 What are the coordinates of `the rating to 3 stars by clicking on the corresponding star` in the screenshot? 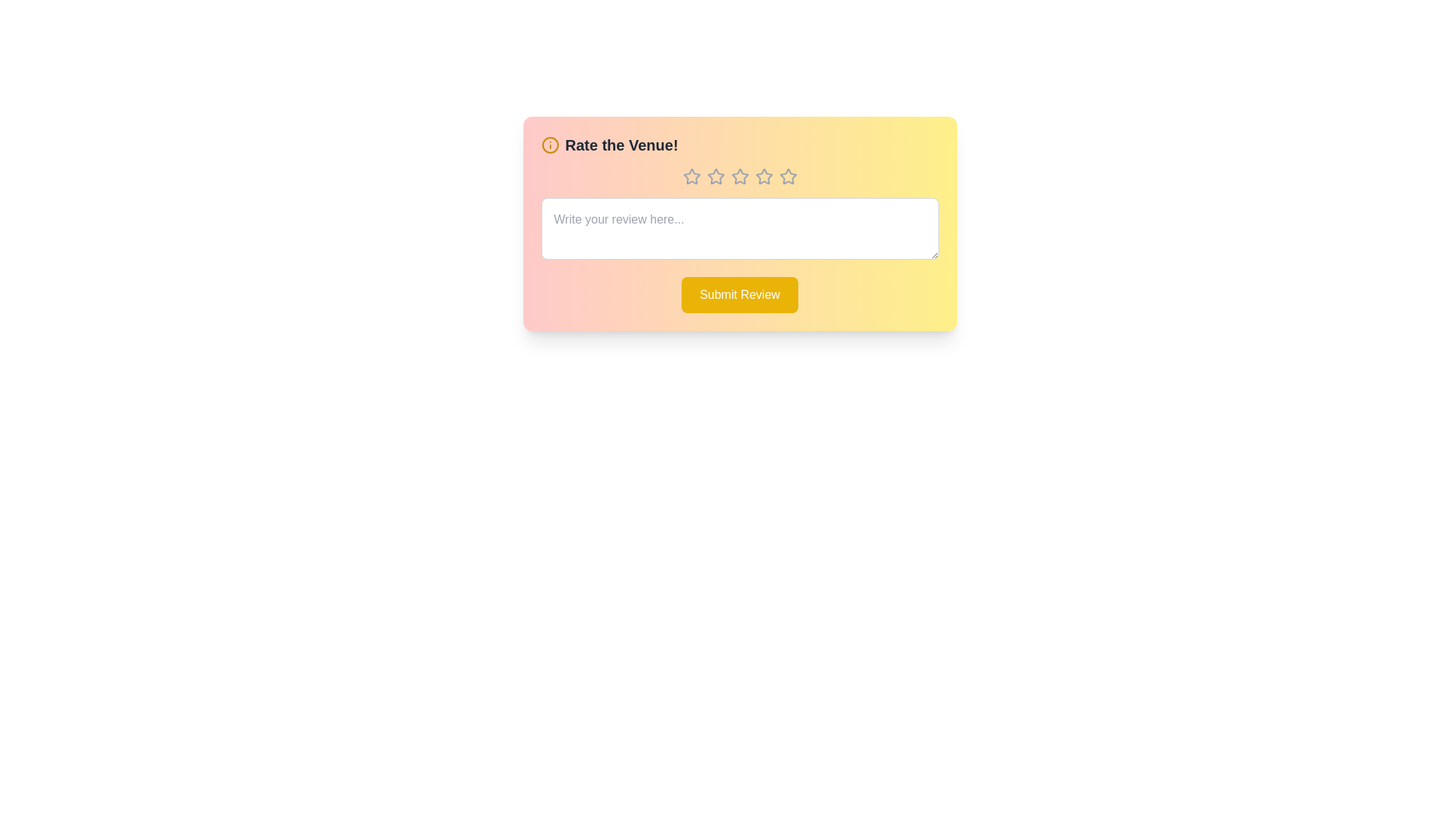 It's located at (740, 176).